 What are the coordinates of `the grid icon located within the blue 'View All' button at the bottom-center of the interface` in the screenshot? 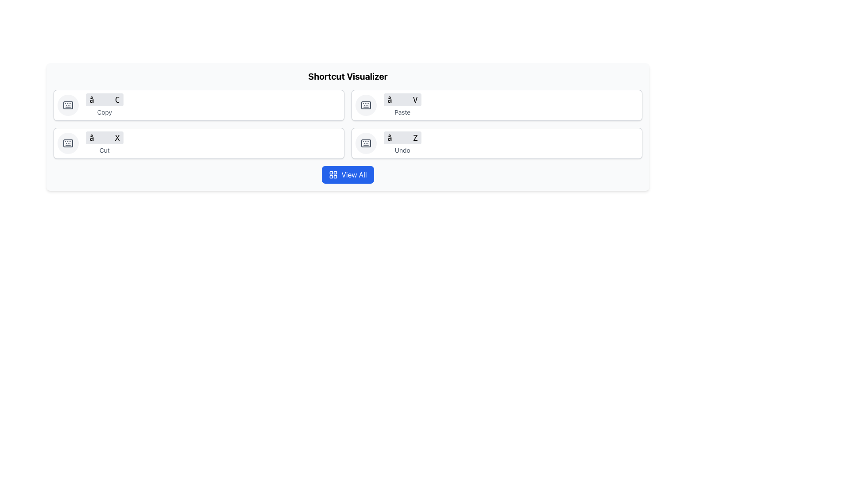 It's located at (333, 174).